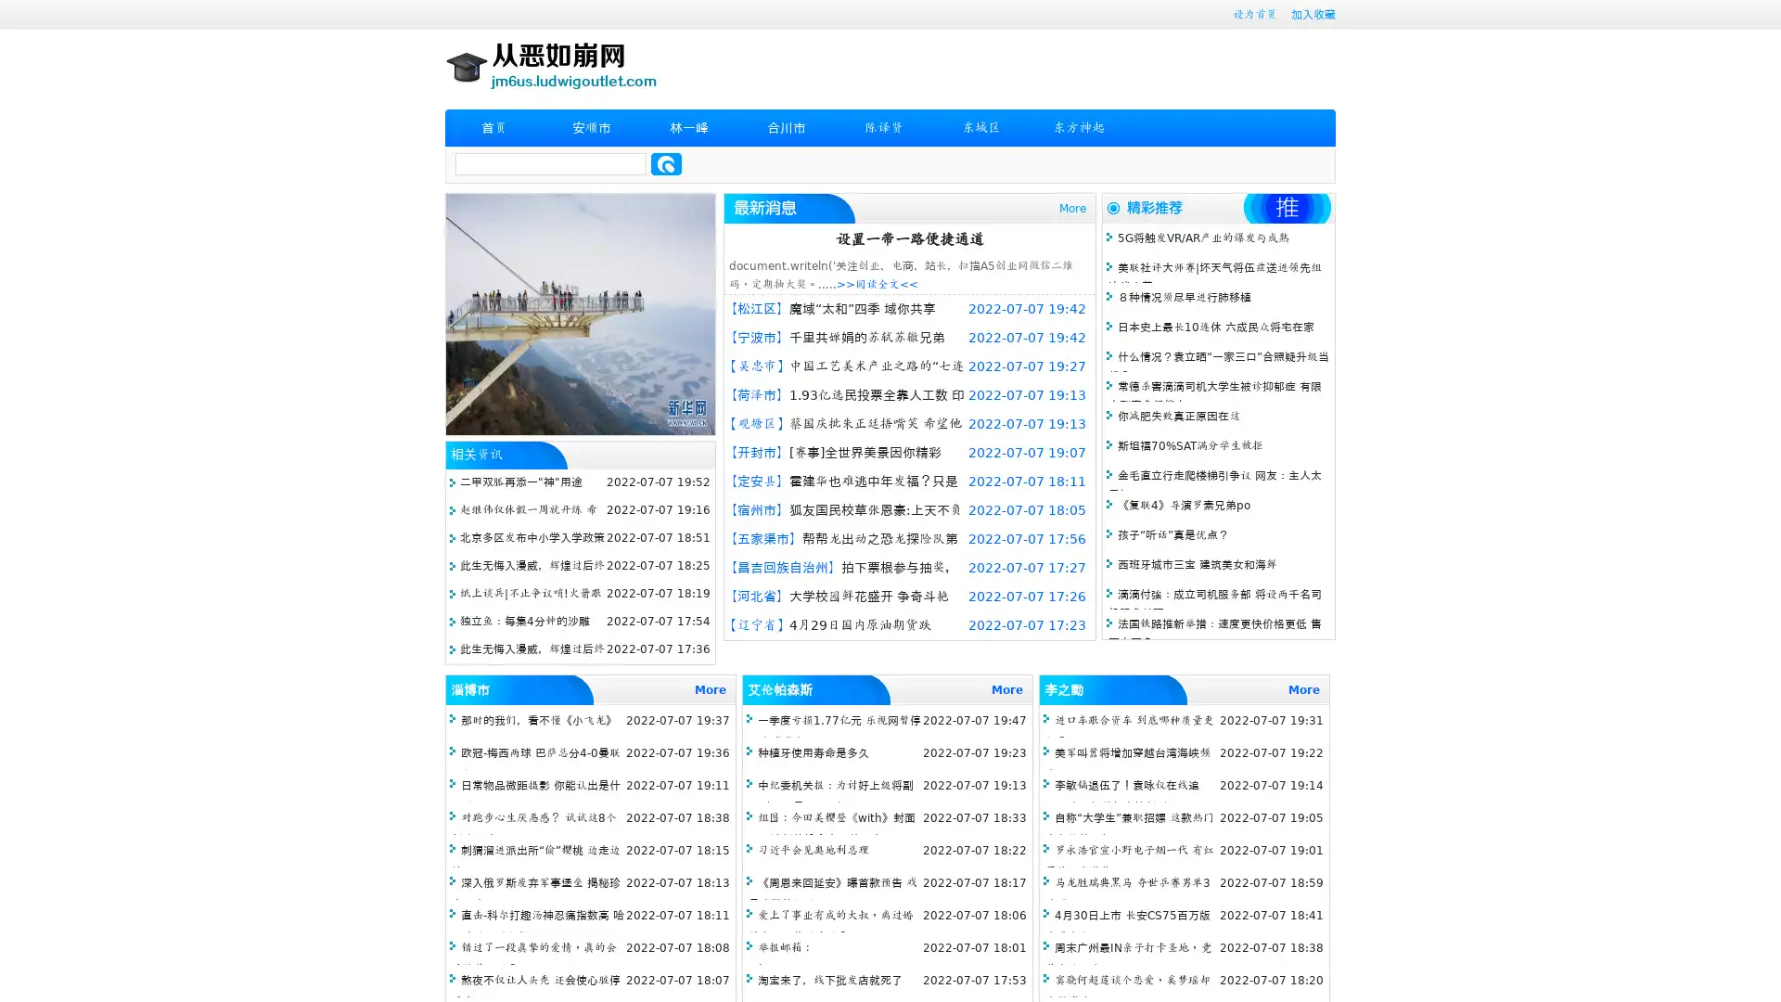 This screenshot has width=1781, height=1002. I want to click on Search, so click(666, 163).